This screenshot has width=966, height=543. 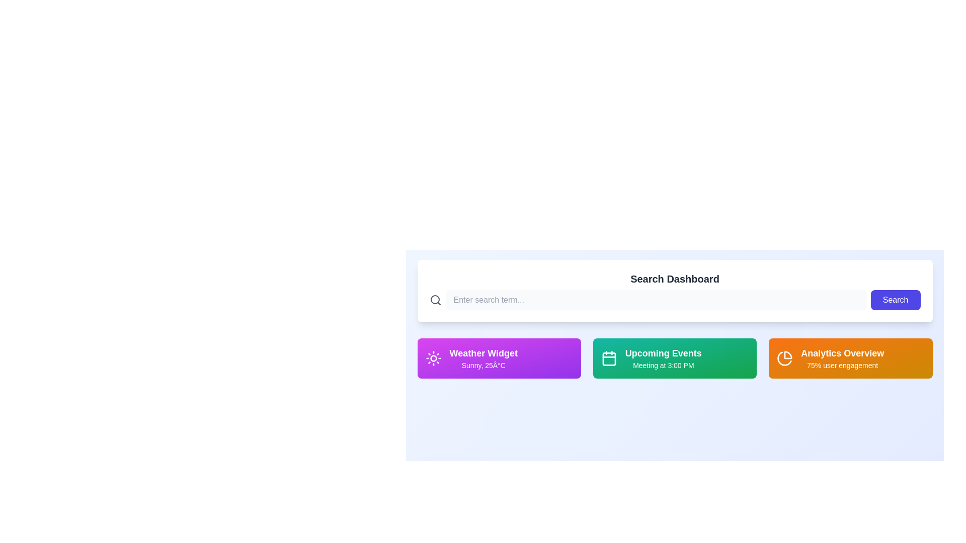 I want to click on the text block titled 'Analytics Overview' with '75% user engagement' in a styled card component on the rightmost side of the horizontal card set, so click(x=842, y=358).